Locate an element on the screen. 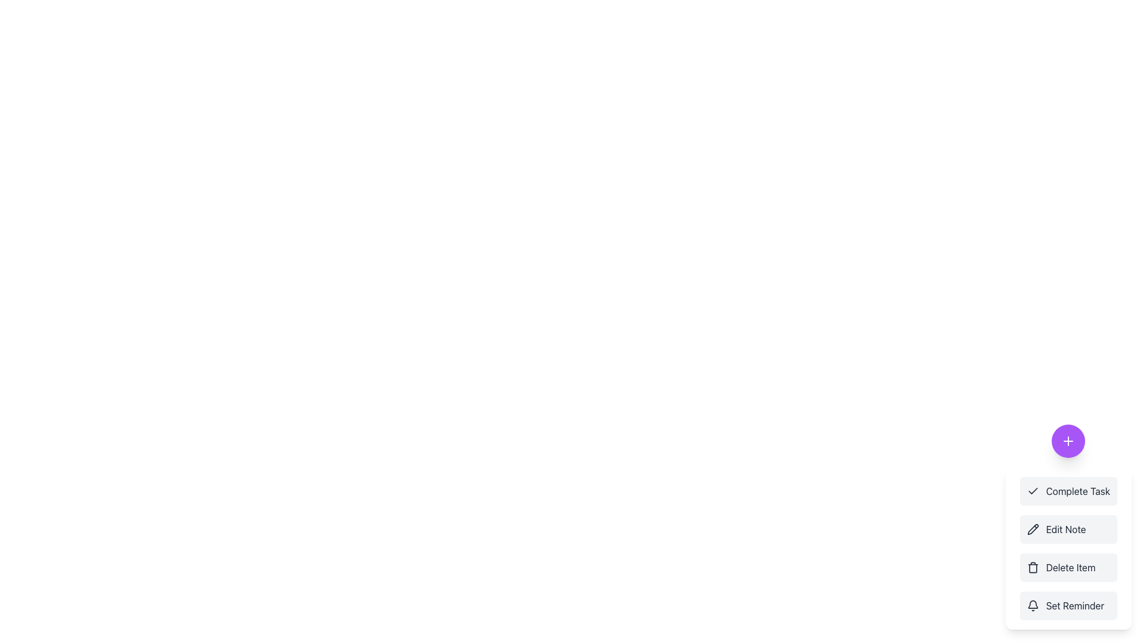 The height and width of the screenshot is (644, 1146). the first button is located at coordinates (1068, 491).